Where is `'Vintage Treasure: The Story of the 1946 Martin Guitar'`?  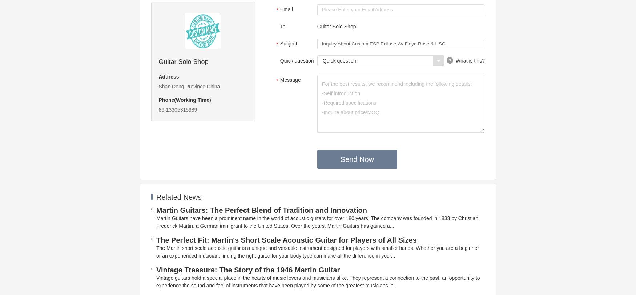
'Vintage Treasure: The Story of the 1946 Martin Guitar' is located at coordinates (247, 269).